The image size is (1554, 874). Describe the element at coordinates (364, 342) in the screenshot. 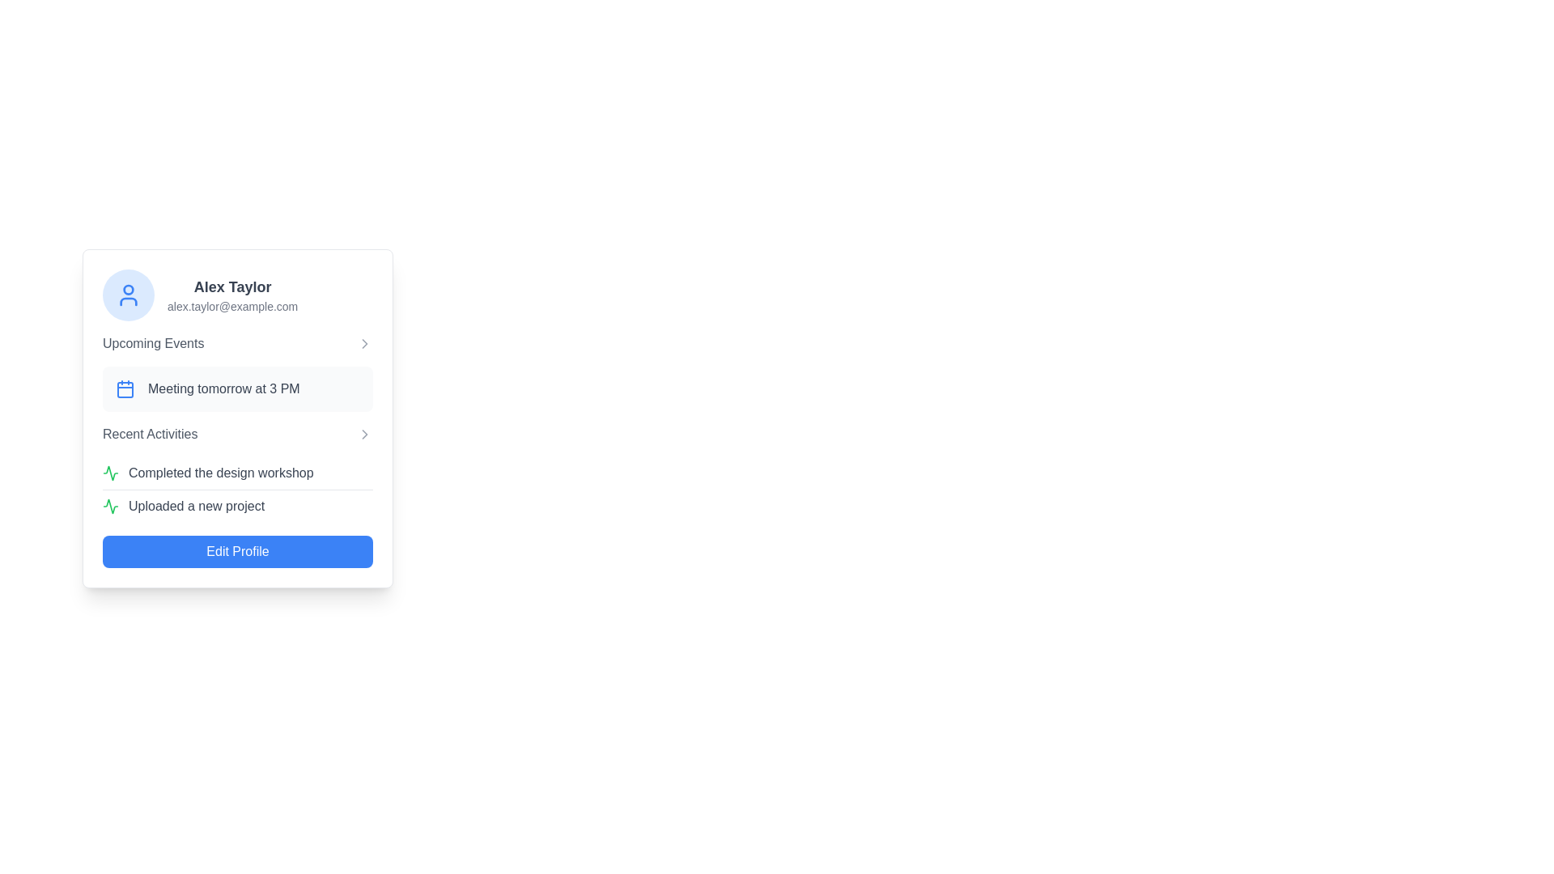

I see `the right-pointing arrow icon located to the right of the 'Recent Activities' section title` at that location.